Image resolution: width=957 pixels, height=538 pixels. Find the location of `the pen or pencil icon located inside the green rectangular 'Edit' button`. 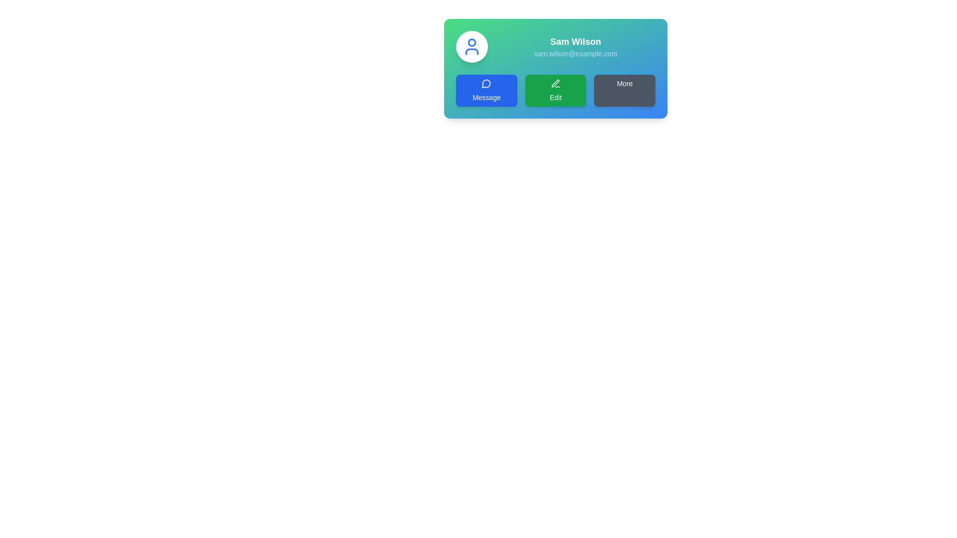

the pen or pencil icon located inside the green rectangular 'Edit' button is located at coordinates (555, 83).